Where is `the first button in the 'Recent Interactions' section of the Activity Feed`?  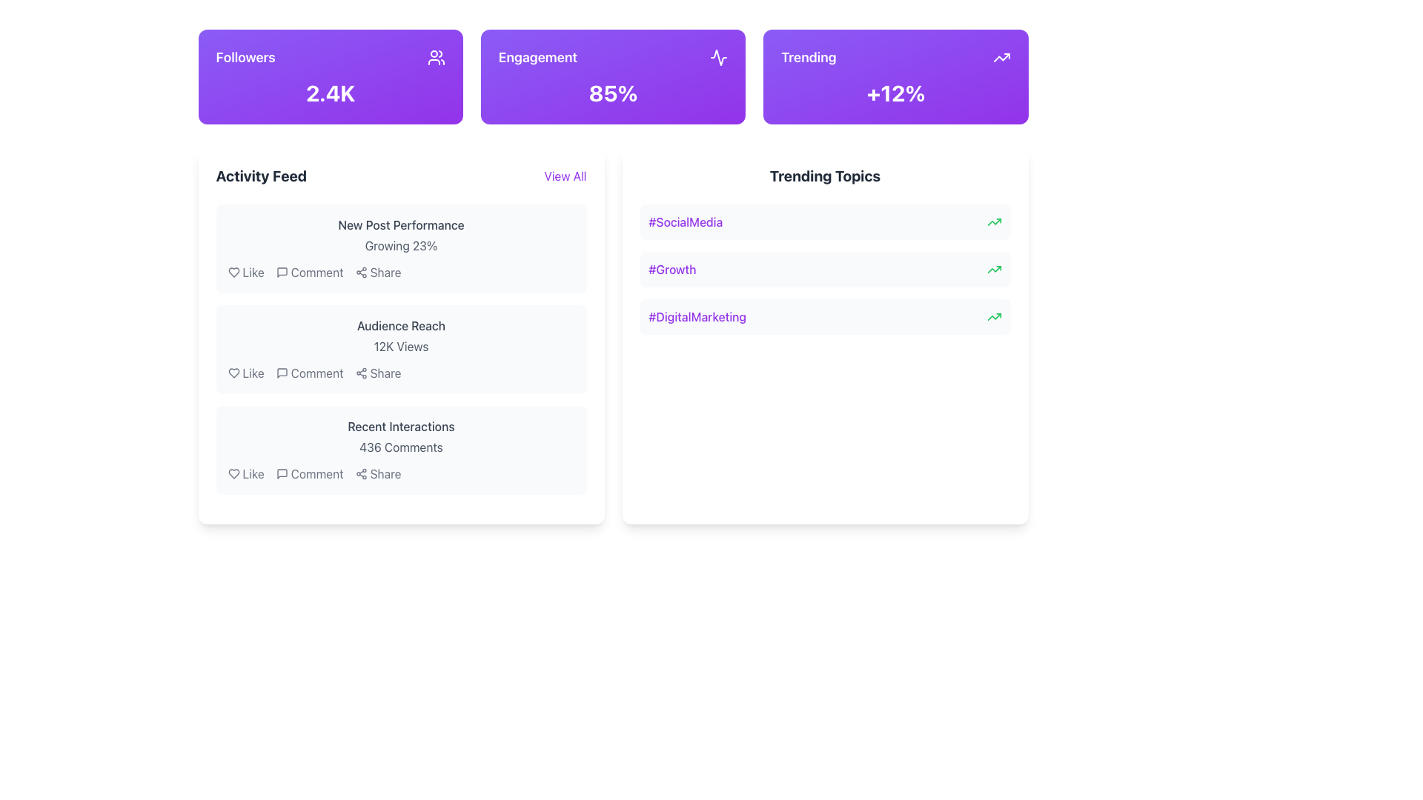 the first button in the 'Recent Interactions' section of the Activity Feed is located at coordinates (246, 474).